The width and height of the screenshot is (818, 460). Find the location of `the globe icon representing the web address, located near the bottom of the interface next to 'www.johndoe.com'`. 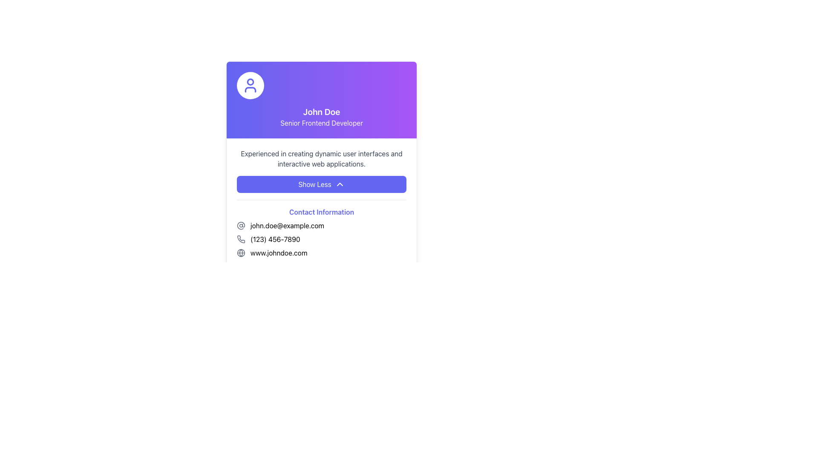

the globe icon representing the web address, located near the bottom of the interface next to 'www.johndoe.com' is located at coordinates (241, 253).